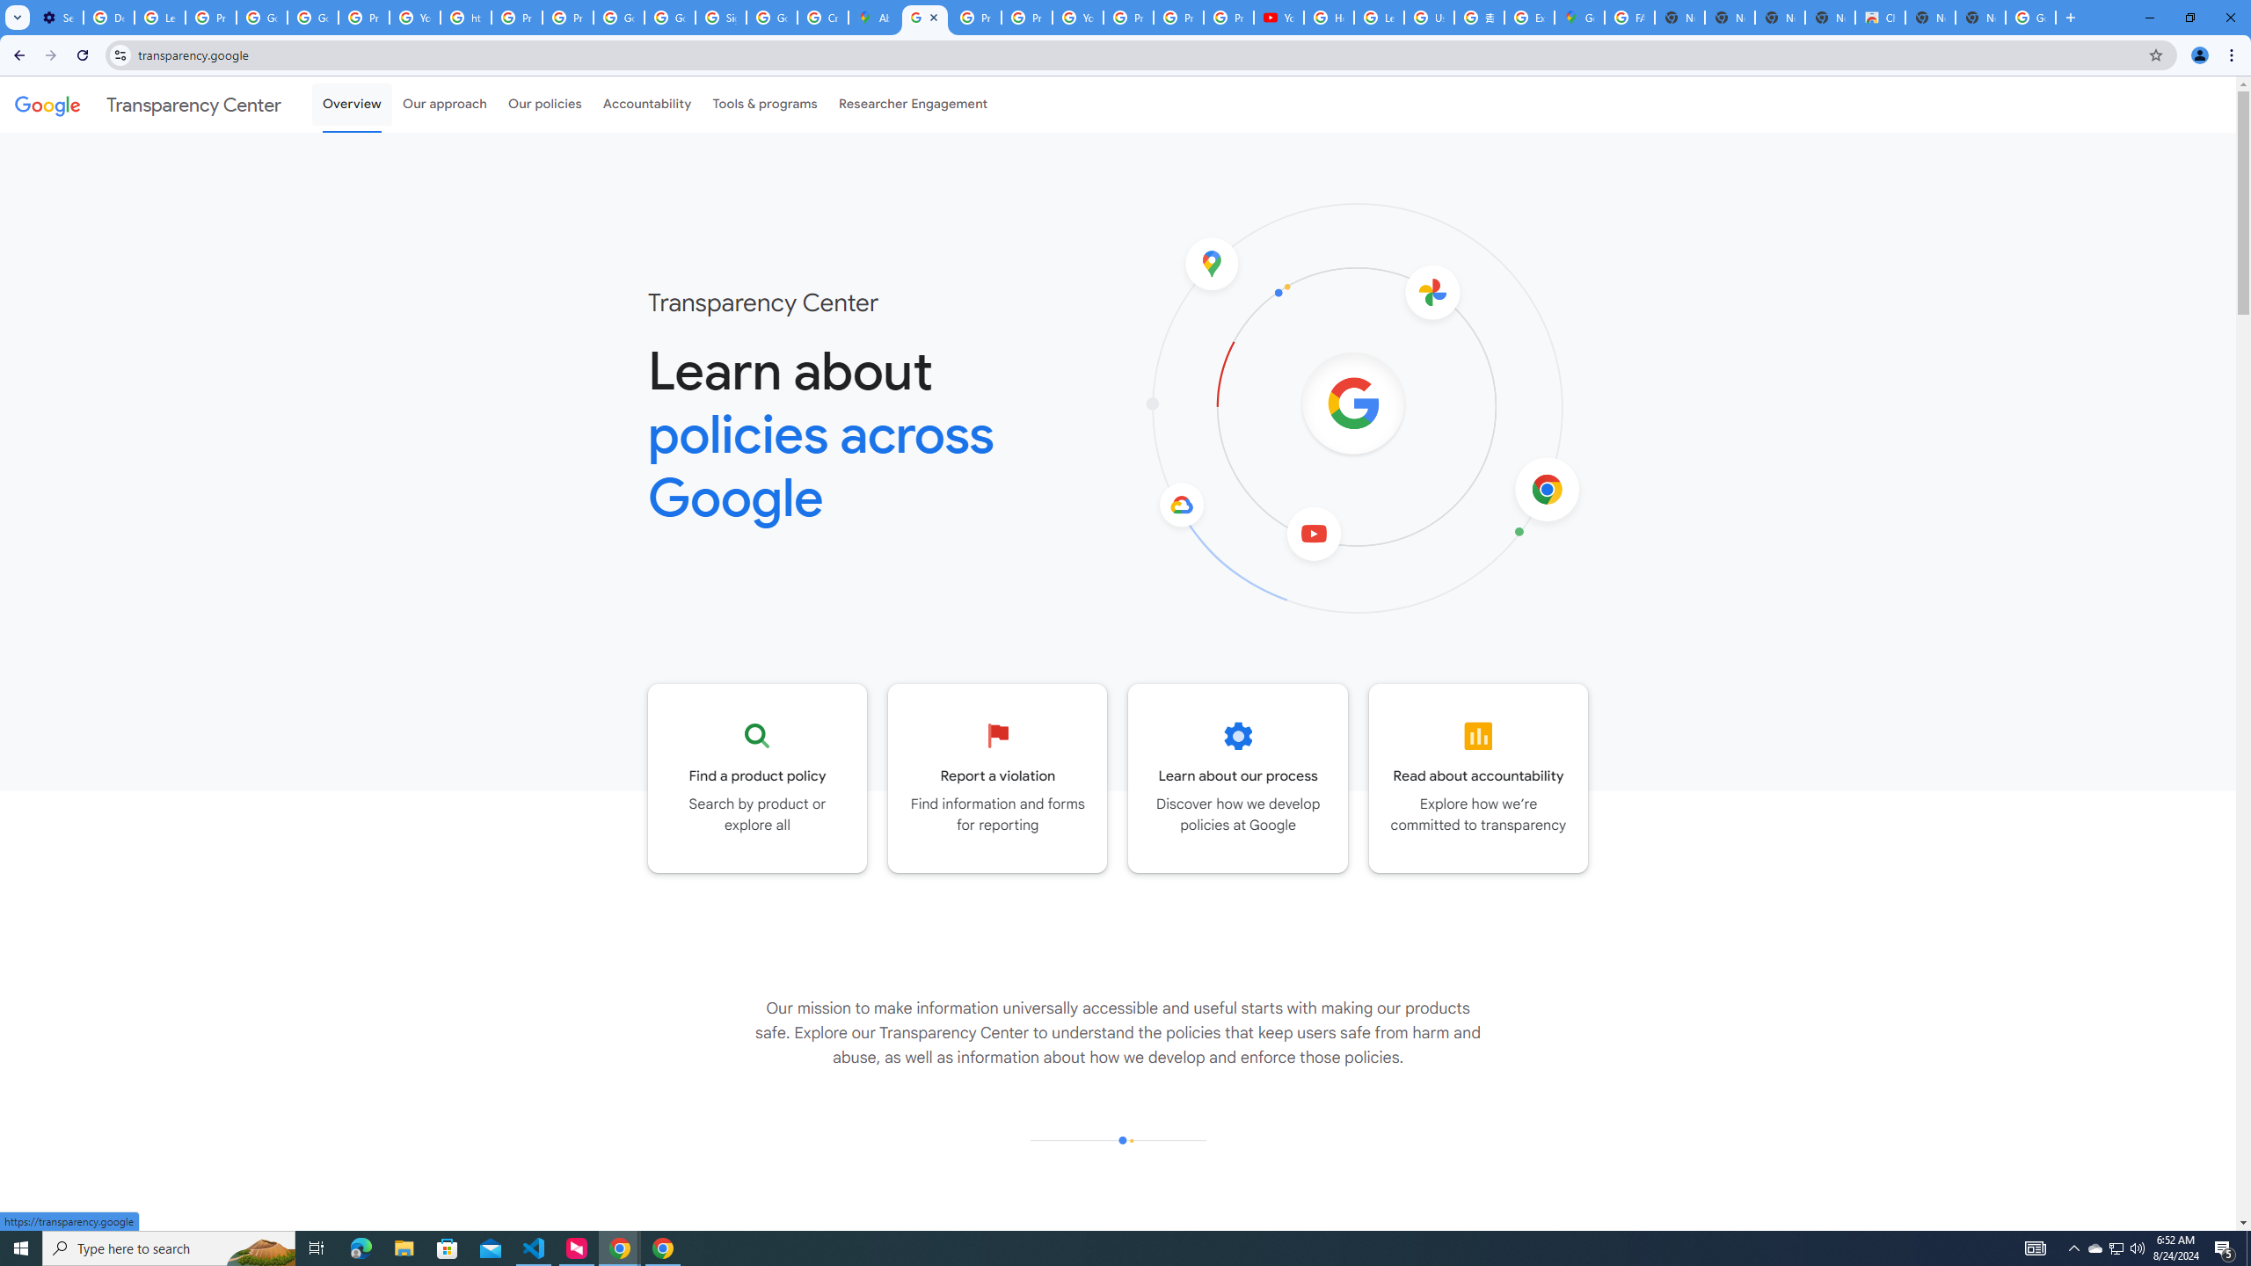  I want to click on 'Our policies', so click(544, 104).